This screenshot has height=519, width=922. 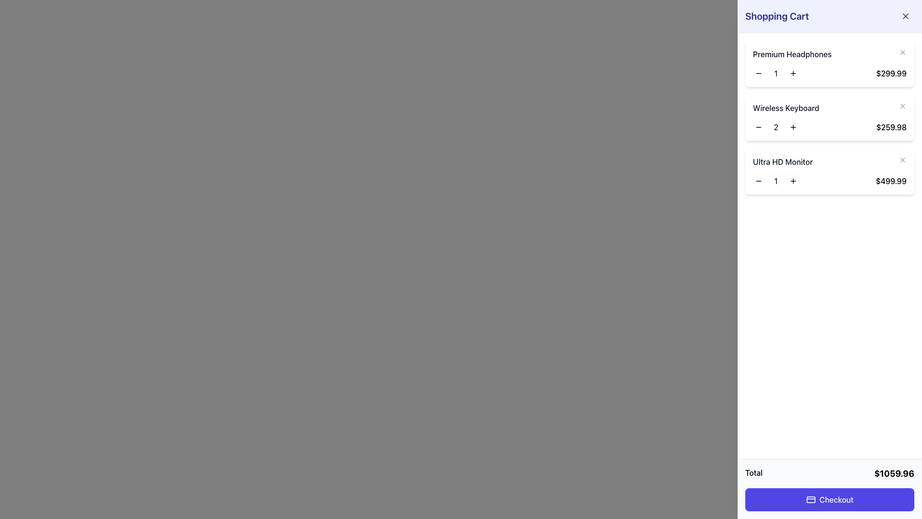 What do you see at coordinates (793, 127) in the screenshot?
I see `the increment button to increase the quantity of the 'Wireless Keyboard' item in the shopping cart, located near the quantity indicator (number '2') and adjacent to the decrement button ('−')` at bounding box center [793, 127].